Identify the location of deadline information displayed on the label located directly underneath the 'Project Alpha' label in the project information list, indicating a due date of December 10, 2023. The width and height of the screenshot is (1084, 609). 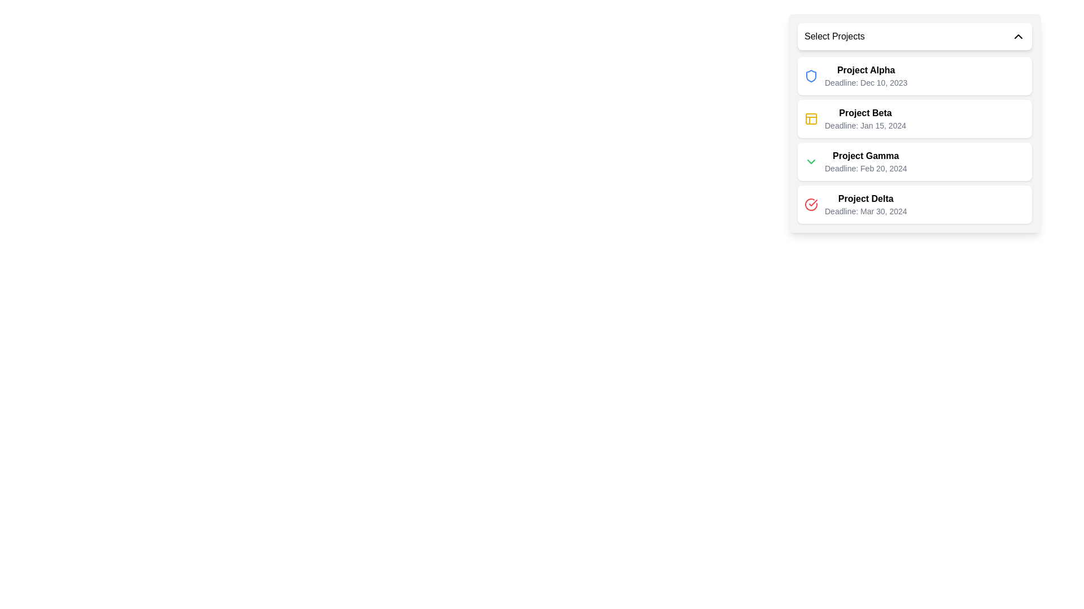
(866, 82).